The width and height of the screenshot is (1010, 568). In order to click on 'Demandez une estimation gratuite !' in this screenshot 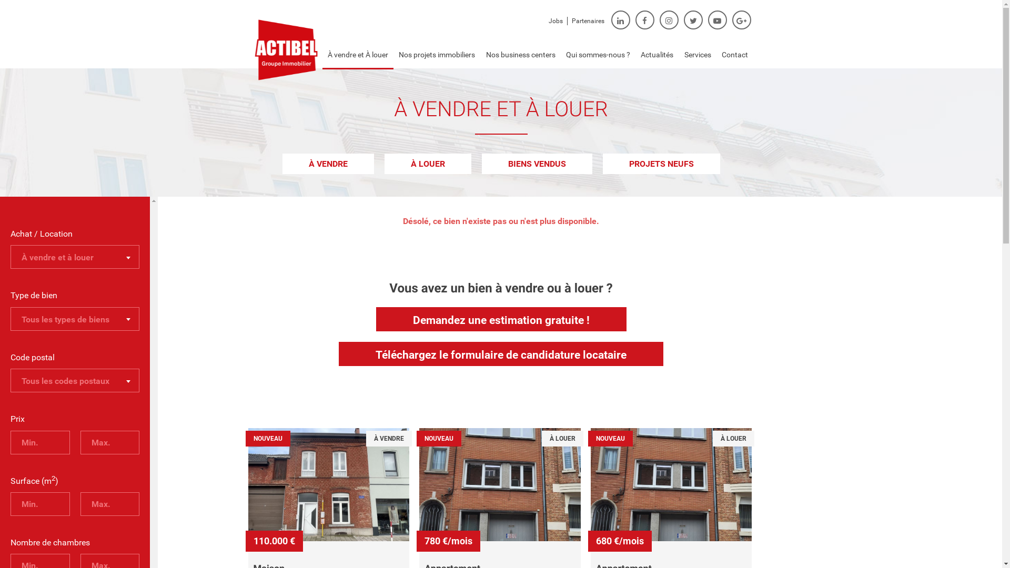, I will do `click(500, 318)`.